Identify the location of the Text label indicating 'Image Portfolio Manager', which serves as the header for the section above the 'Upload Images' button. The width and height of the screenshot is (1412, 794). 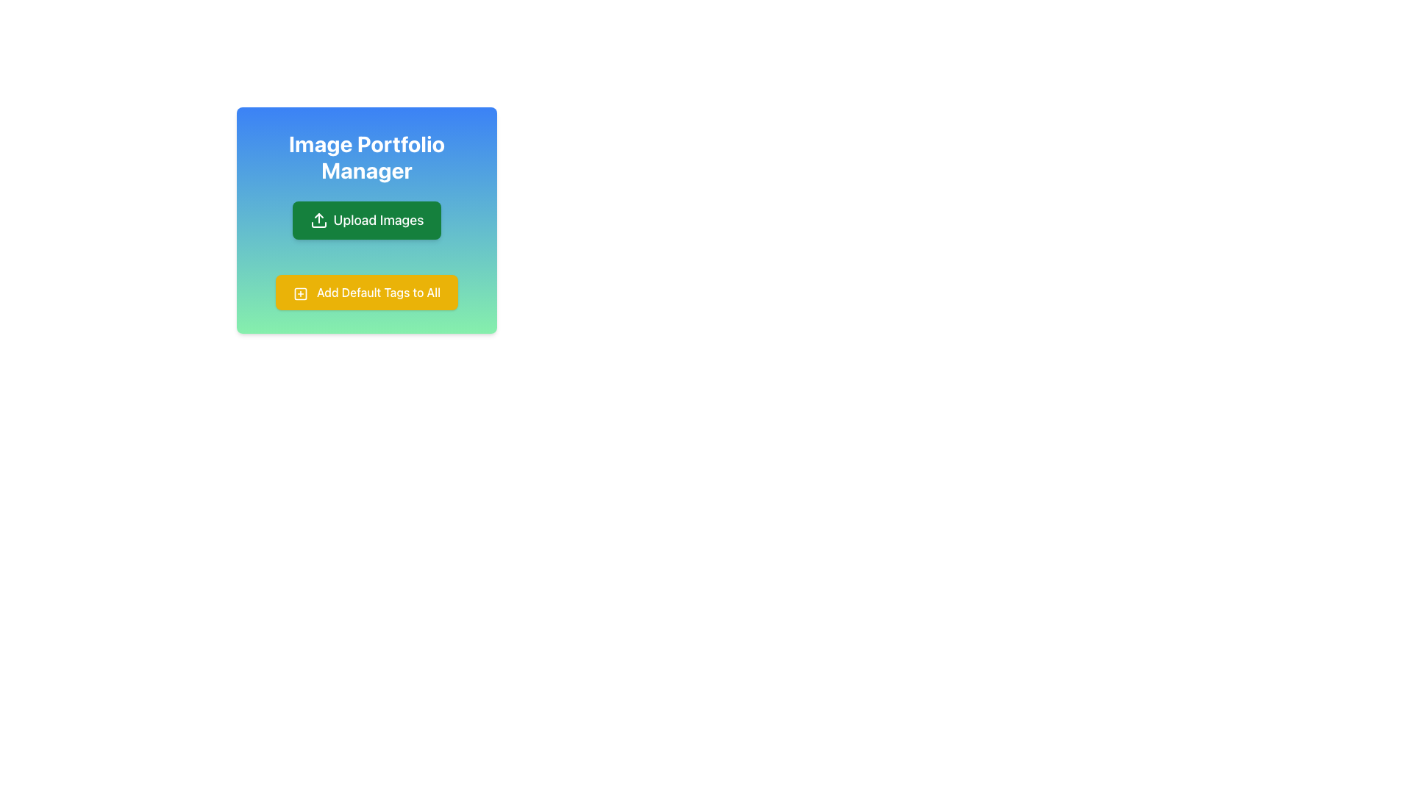
(367, 157).